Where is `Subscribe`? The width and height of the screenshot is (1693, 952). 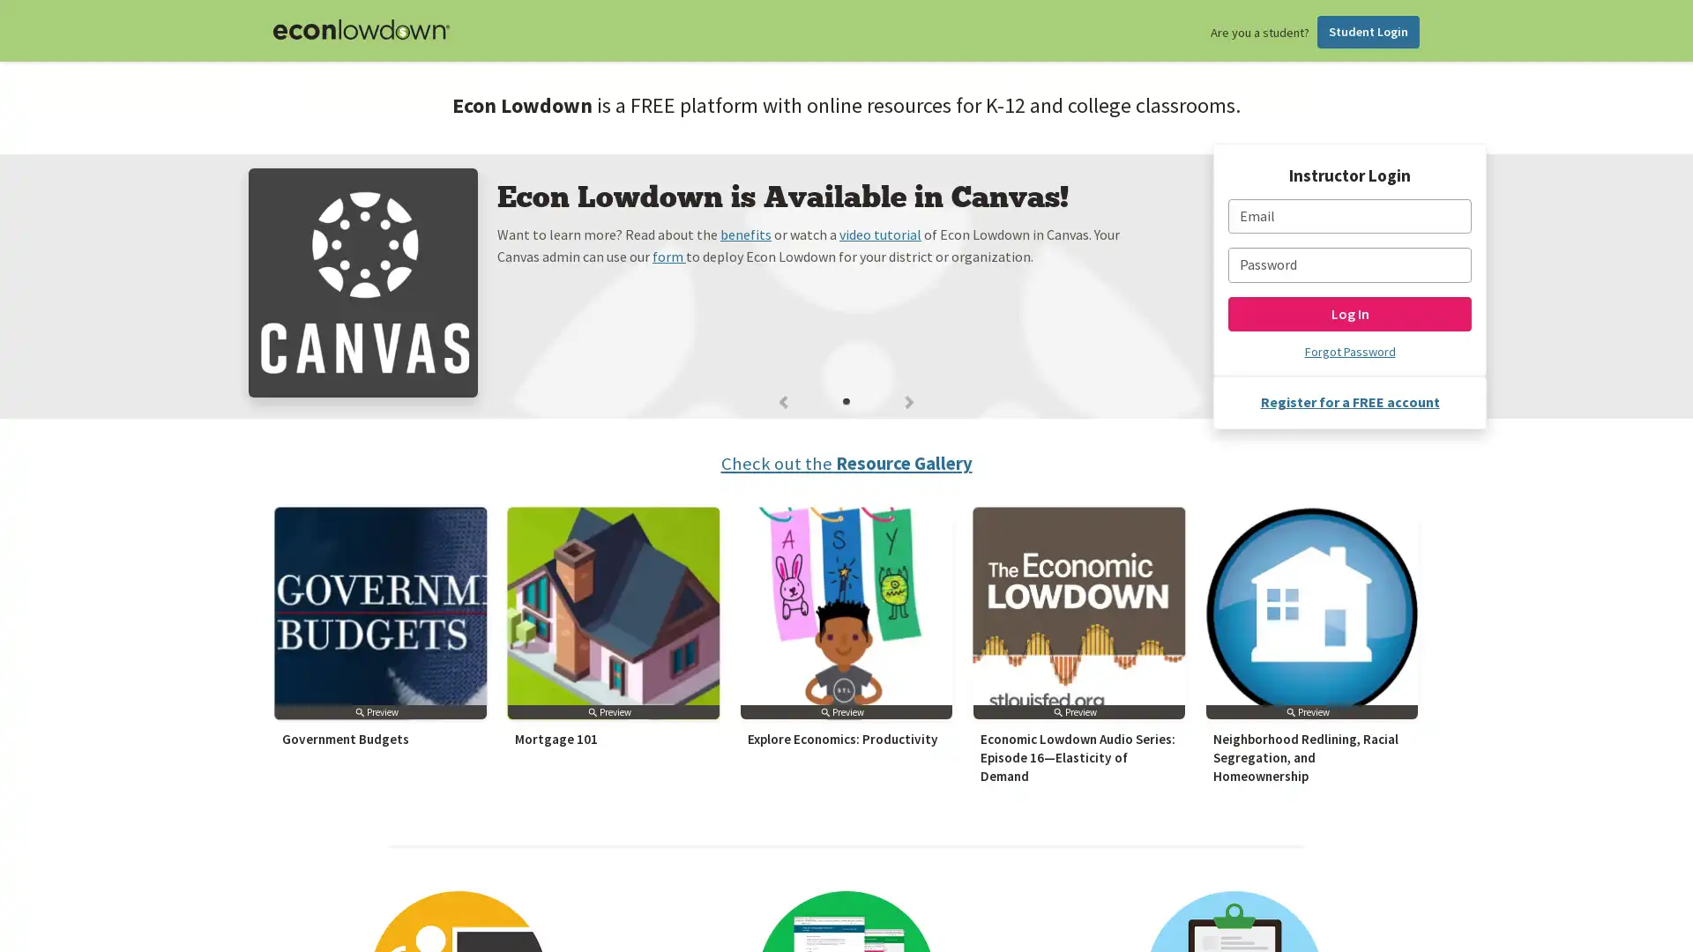
Subscribe is located at coordinates (1612, 900).